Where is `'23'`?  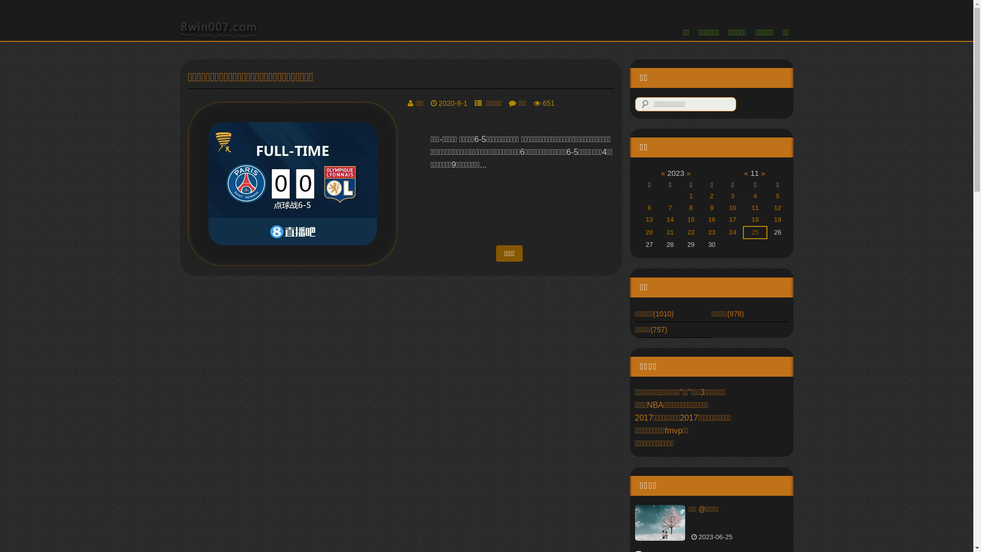 '23' is located at coordinates (708, 232).